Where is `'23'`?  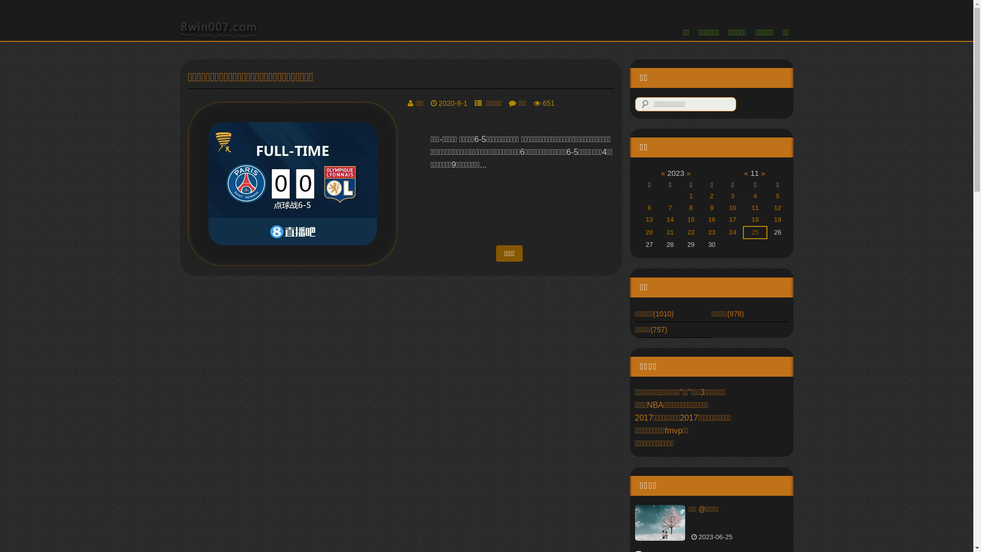 '23' is located at coordinates (708, 232).